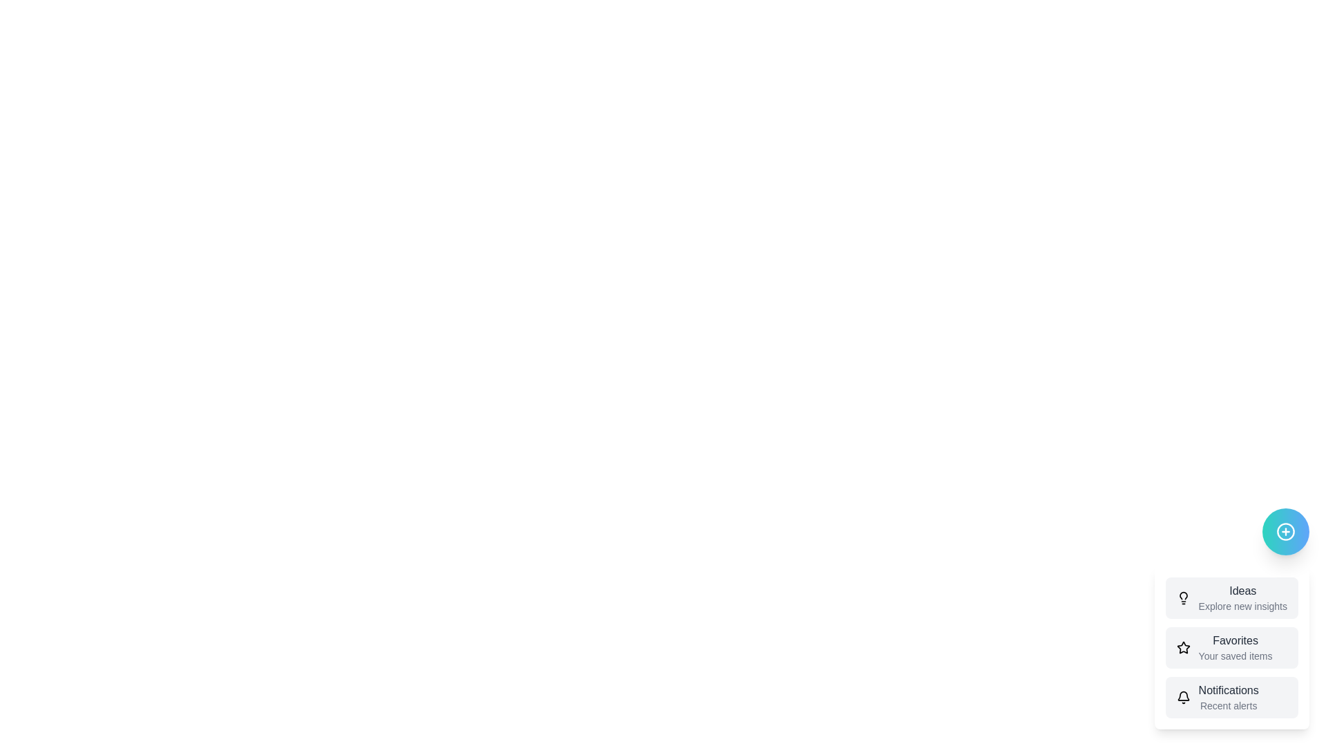 The image size is (1326, 746). What do you see at coordinates (1182, 696) in the screenshot?
I see `the Bell Notification Symbol icon located at the bottom right corner of the interface, which indicates the presence of new messages or alerts` at bounding box center [1182, 696].